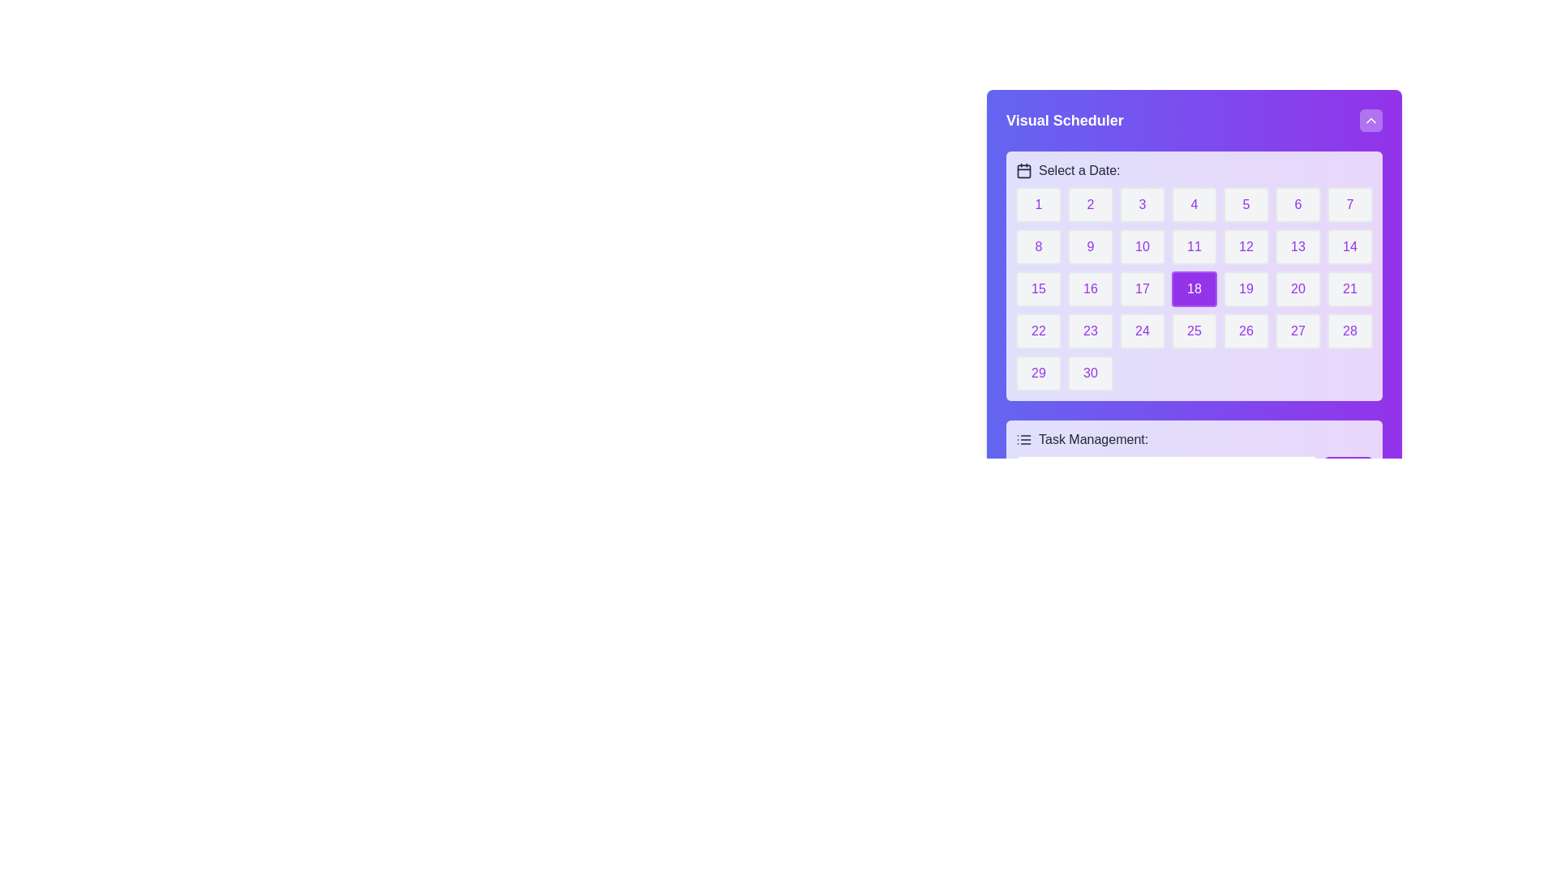  What do you see at coordinates (1245, 330) in the screenshot?
I see `the calendar date button labeled '26' with a light gray background and purple text` at bounding box center [1245, 330].